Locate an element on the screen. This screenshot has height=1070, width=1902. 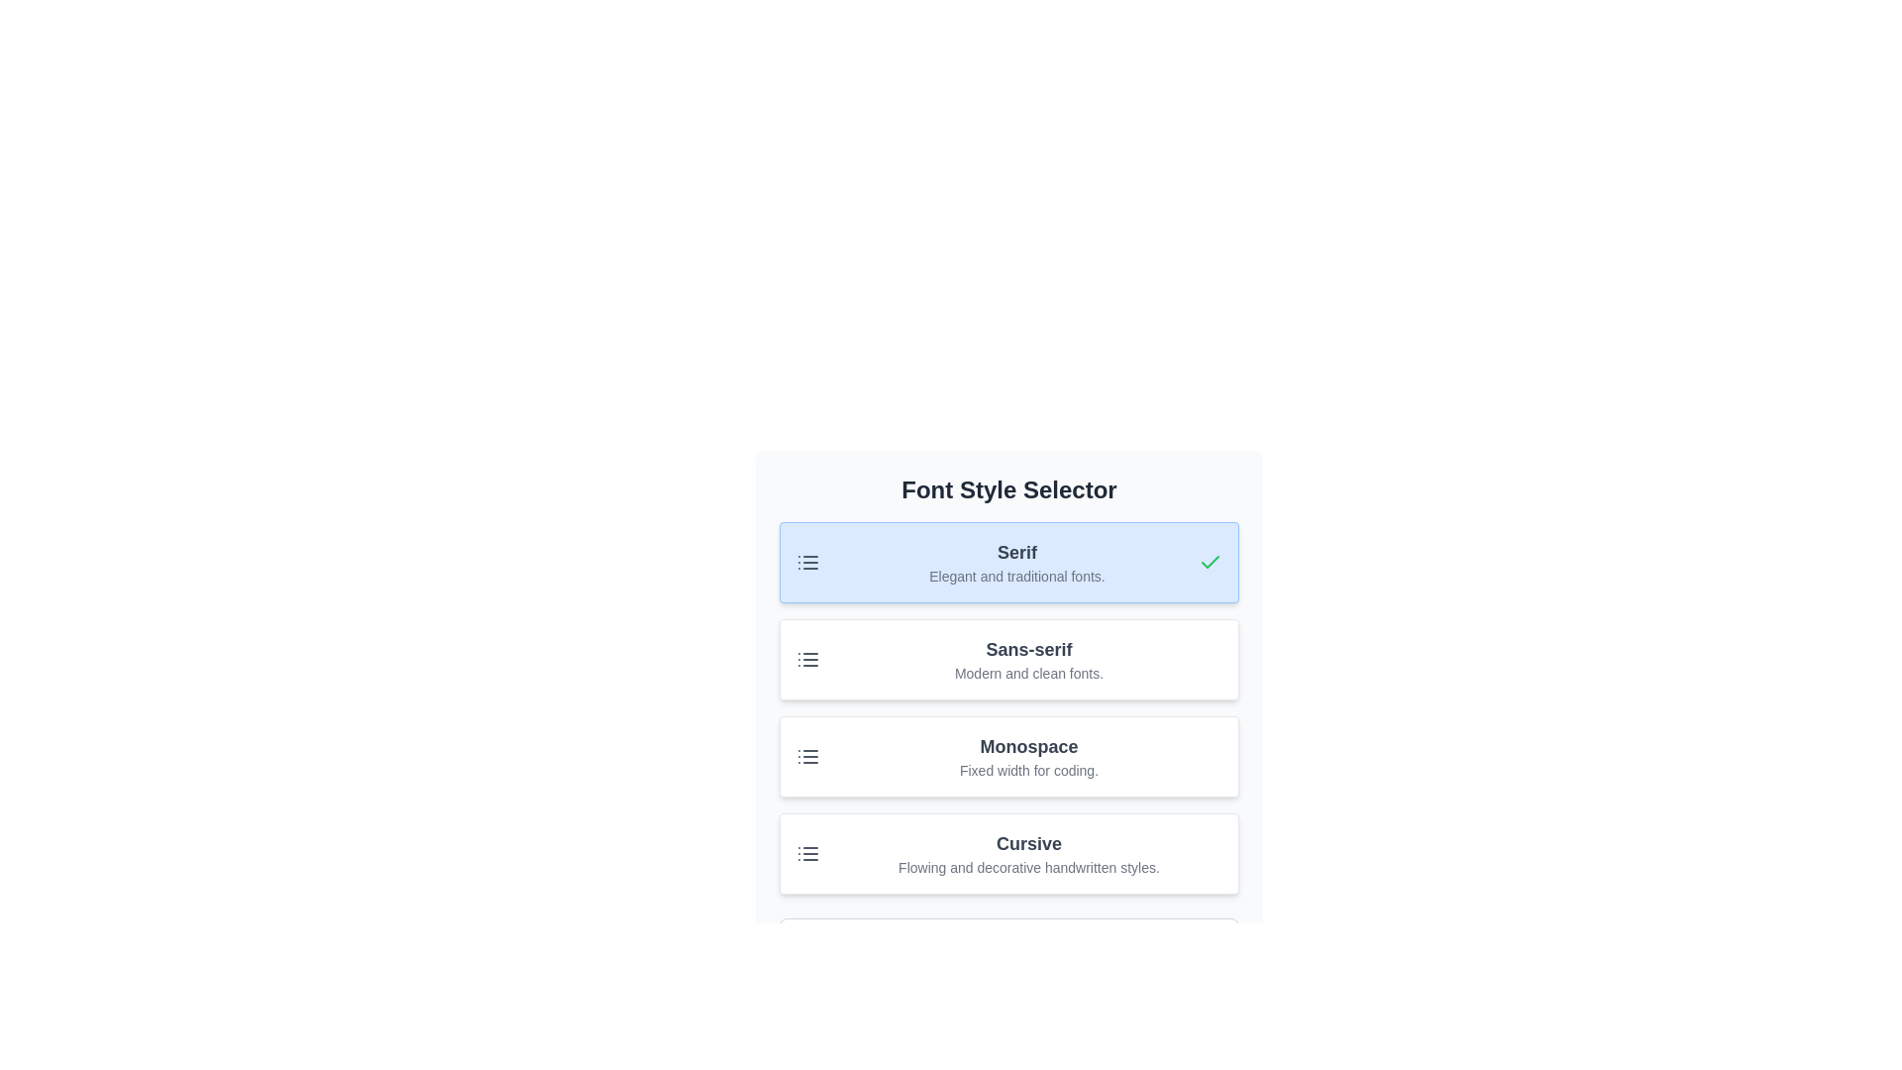
the selectable card for the font style 'Serif' is located at coordinates (1008, 562).